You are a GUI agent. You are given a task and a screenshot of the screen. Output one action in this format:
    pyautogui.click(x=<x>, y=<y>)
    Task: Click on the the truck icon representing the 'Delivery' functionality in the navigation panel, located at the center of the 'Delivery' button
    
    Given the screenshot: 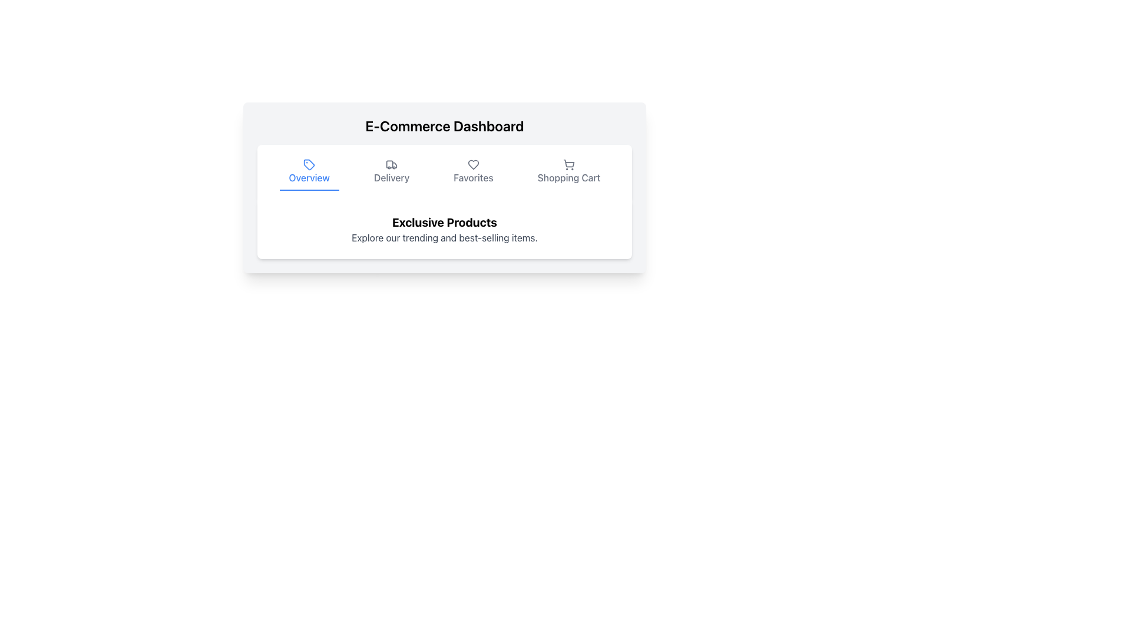 What is the action you would take?
    pyautogui.click(x=392, y=165)
    